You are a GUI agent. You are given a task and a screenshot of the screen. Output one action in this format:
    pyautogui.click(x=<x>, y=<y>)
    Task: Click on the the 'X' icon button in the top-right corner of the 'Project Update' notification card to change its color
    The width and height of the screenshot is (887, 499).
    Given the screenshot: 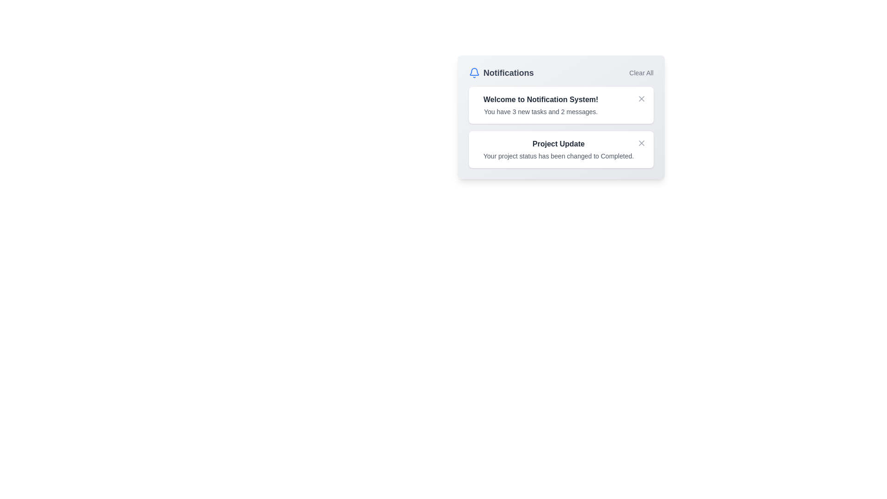 What is the action you would take?
    pyautogui.click(x=641, y=143)
    